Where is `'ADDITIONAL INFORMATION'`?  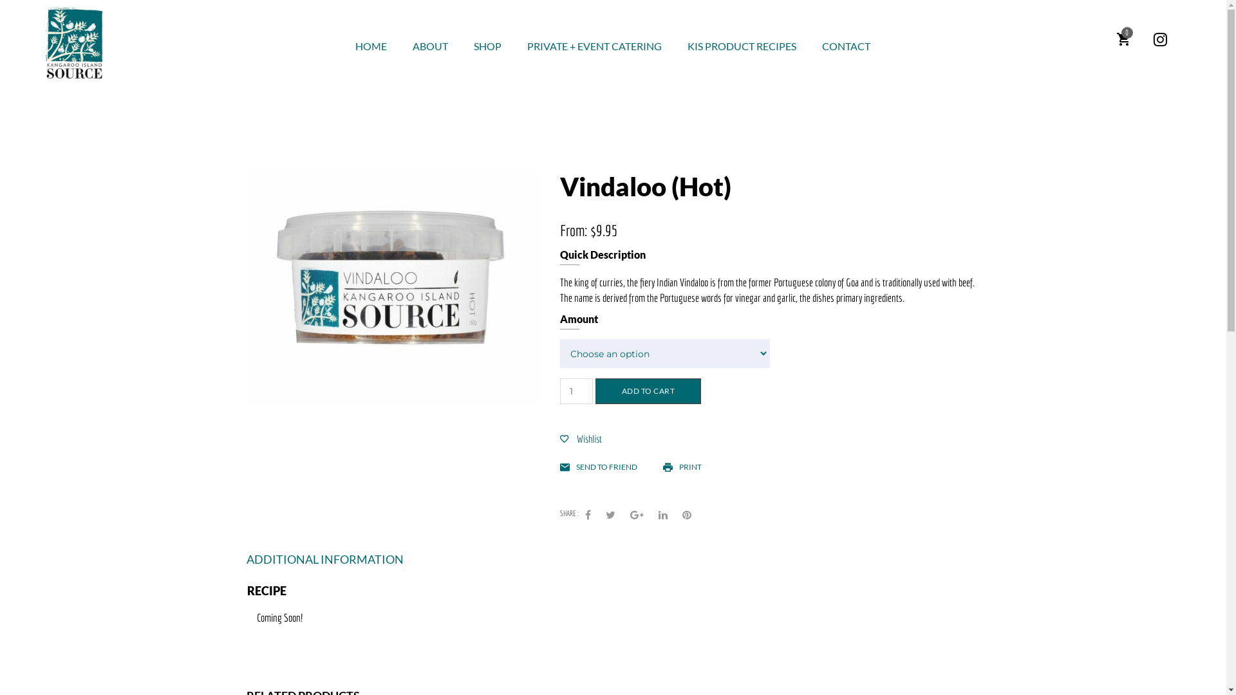 'ADDITIONAL INFORMATION' is located at coordinates (324, 559).